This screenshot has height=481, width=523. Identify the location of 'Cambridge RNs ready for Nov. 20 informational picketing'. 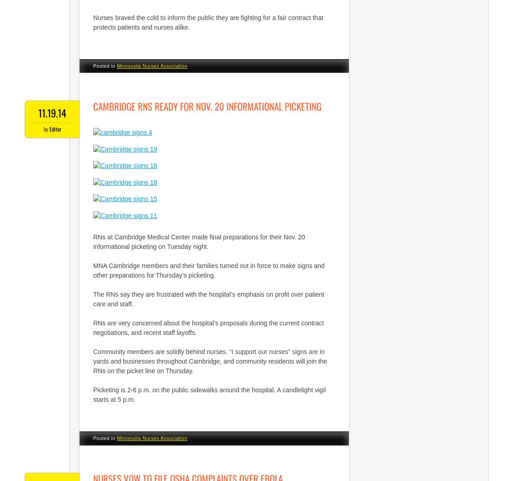
(207, 105).